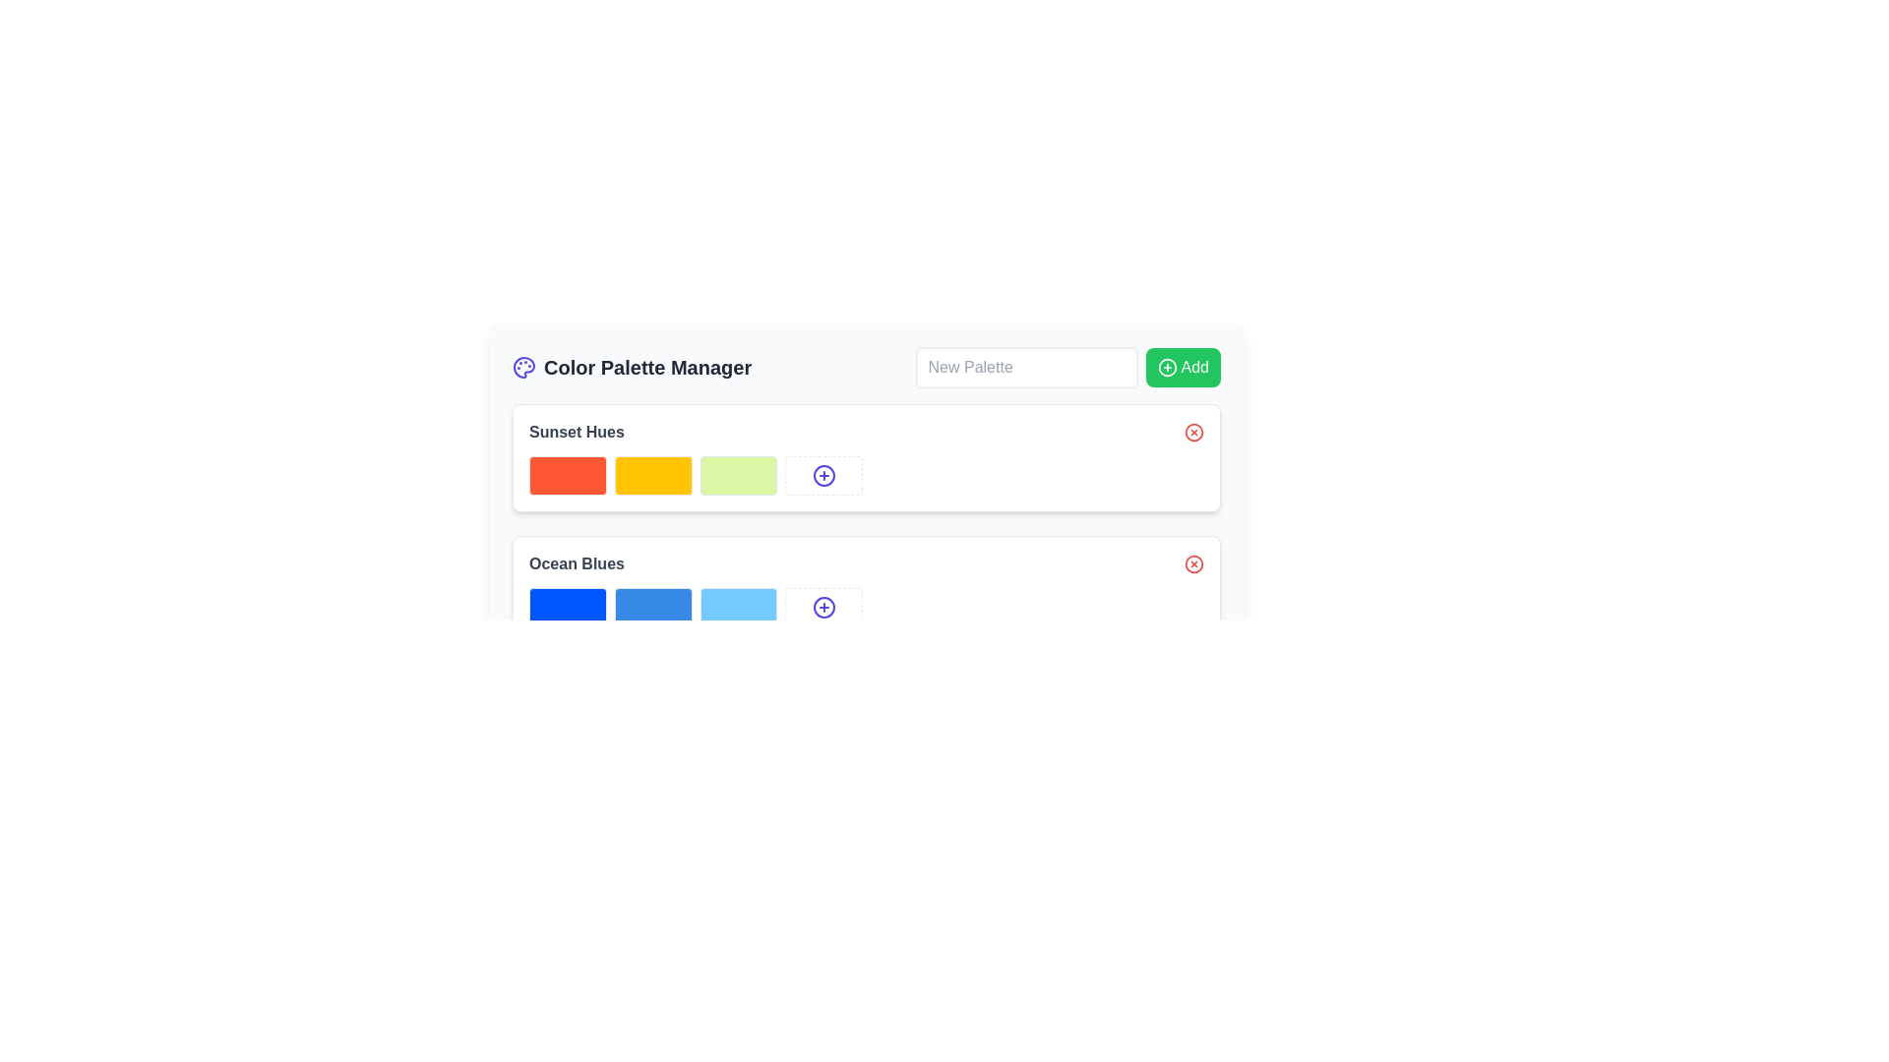  What do you see at coordinates (632, 368) in the screenshot?
I see `the text label that titles the color palette manager tools, located at the top-left corner of the interface, to the right of the palette icon` at bounding box center [632, 368].